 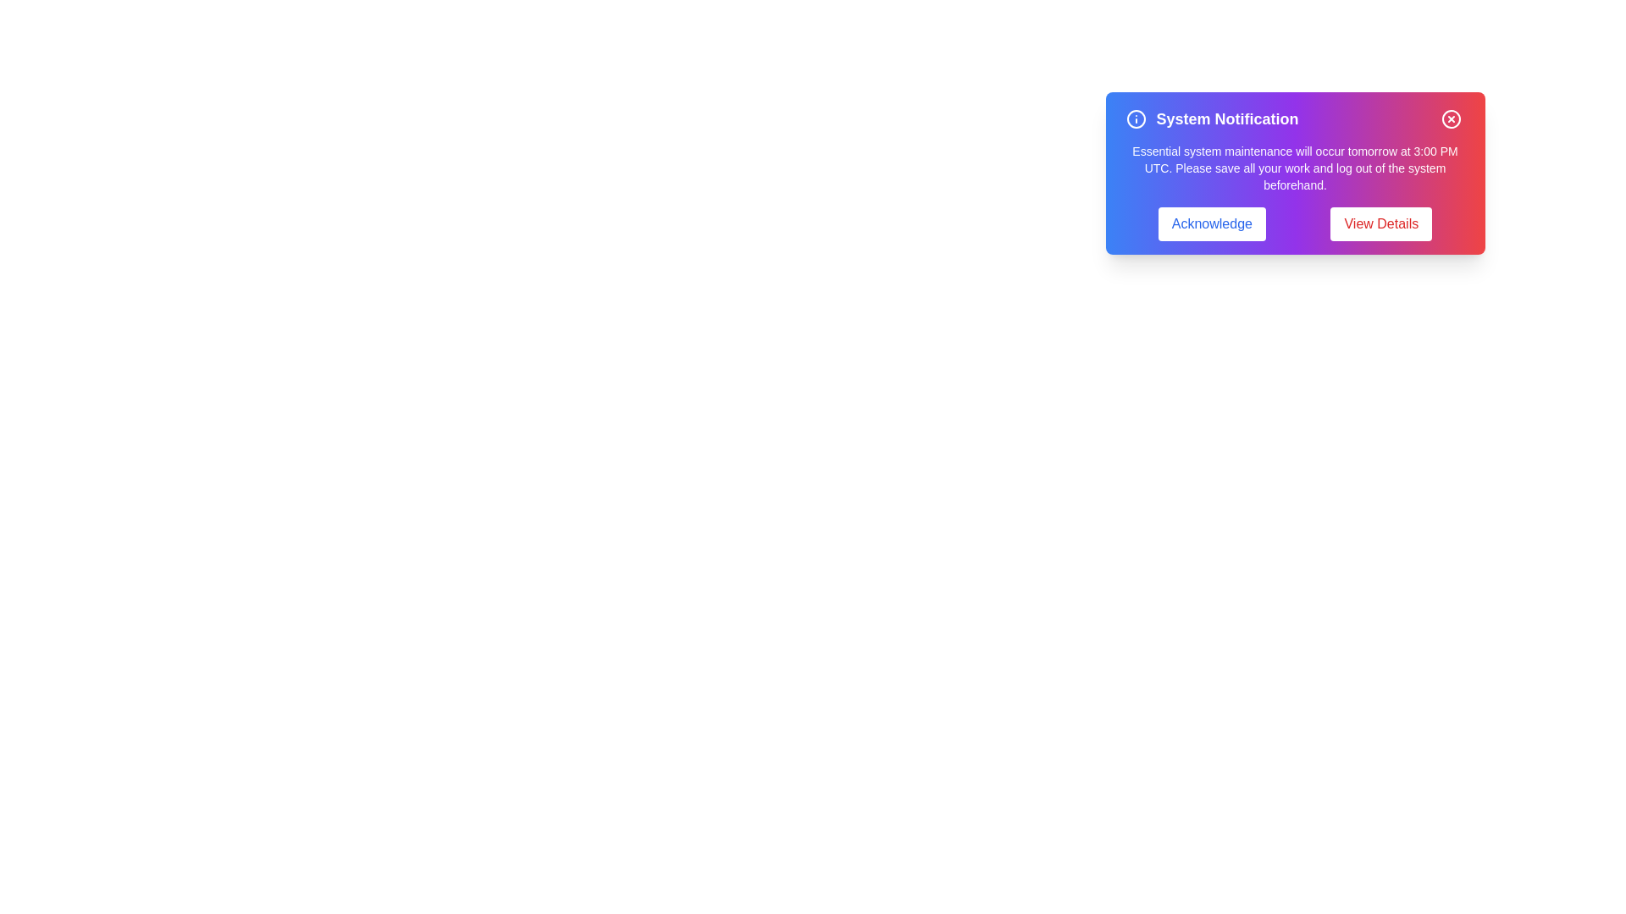 What do you see at coordinates (1381, 223) in the screenshot?
I see `the button labeled View Details to view its hover effect` at bounding box center [1381, 223].